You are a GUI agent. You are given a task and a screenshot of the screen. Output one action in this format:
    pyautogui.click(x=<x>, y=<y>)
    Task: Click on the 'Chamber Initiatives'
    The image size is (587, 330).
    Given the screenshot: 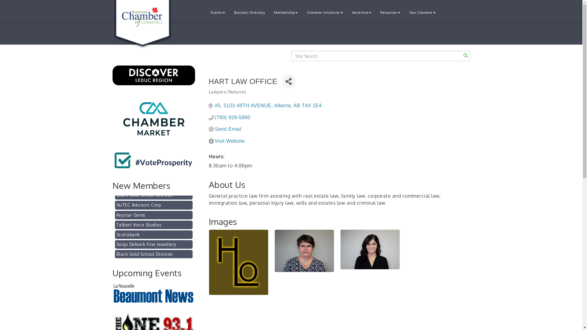 What is the action you would take?
    pyautogui.click(x=324, y=13)
    